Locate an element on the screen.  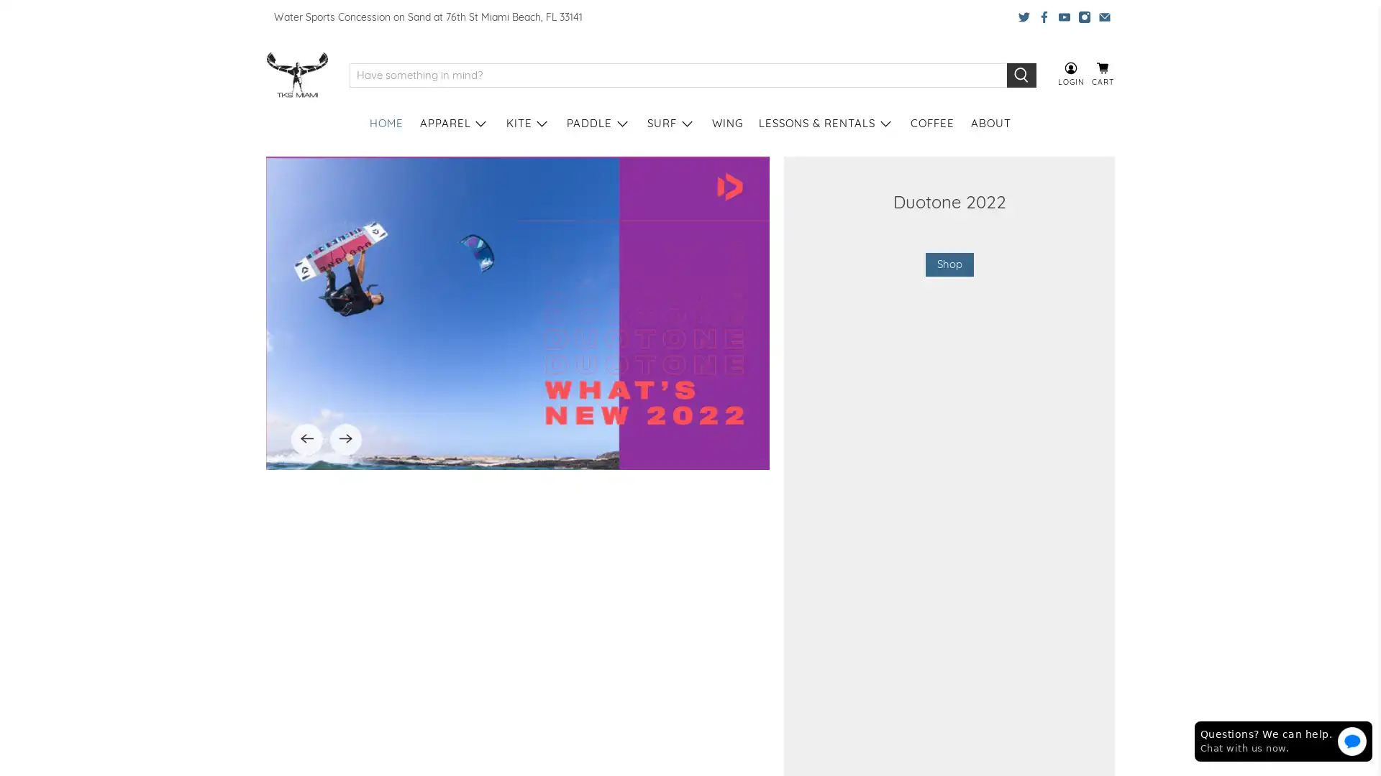
Previous is located at coordinates (306, 628).